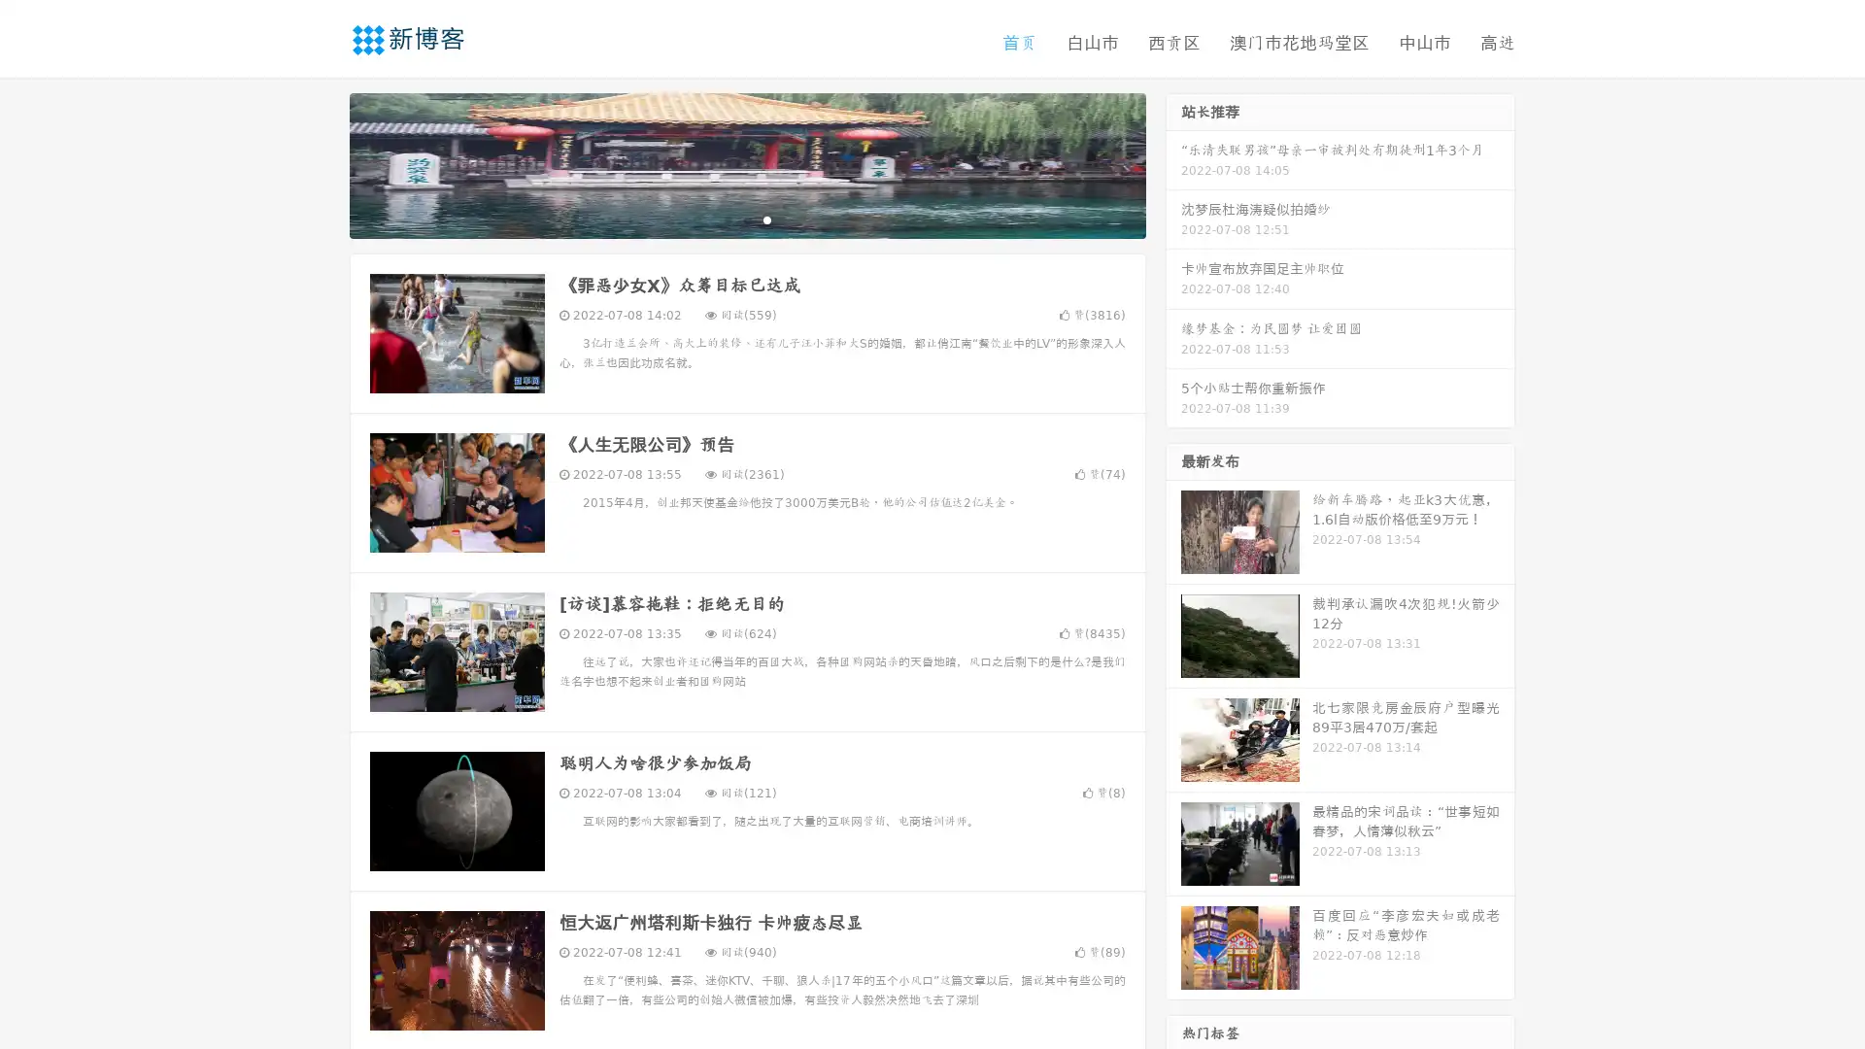  What do you see at coordinates (1173, 163) in the screenshot?
I see `Next slide` at bounding box center [1173, 163].